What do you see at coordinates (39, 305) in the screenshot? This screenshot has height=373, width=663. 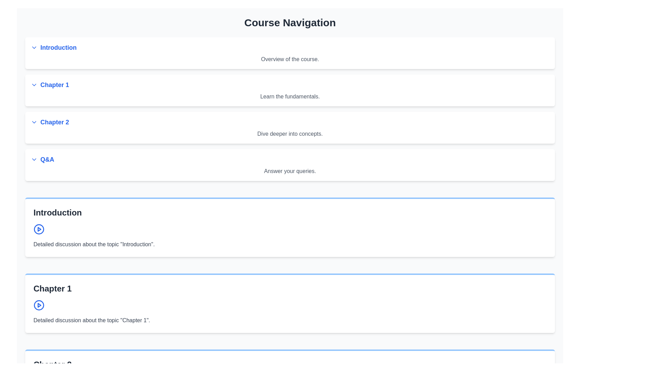 I see `the circular play button icon with a blue border located to the left of 'Chapter 1'` at bounding box center [39, 305].